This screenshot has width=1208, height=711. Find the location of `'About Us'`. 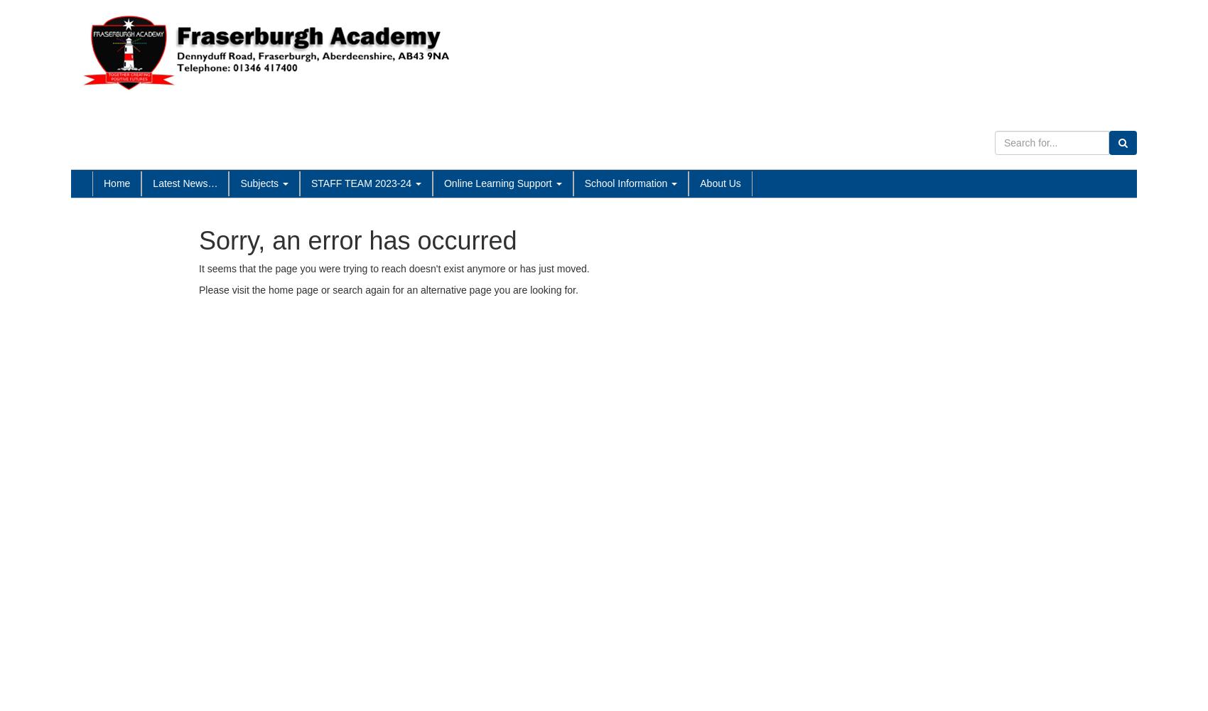

'About Us' is located at coordinates (719, 183).